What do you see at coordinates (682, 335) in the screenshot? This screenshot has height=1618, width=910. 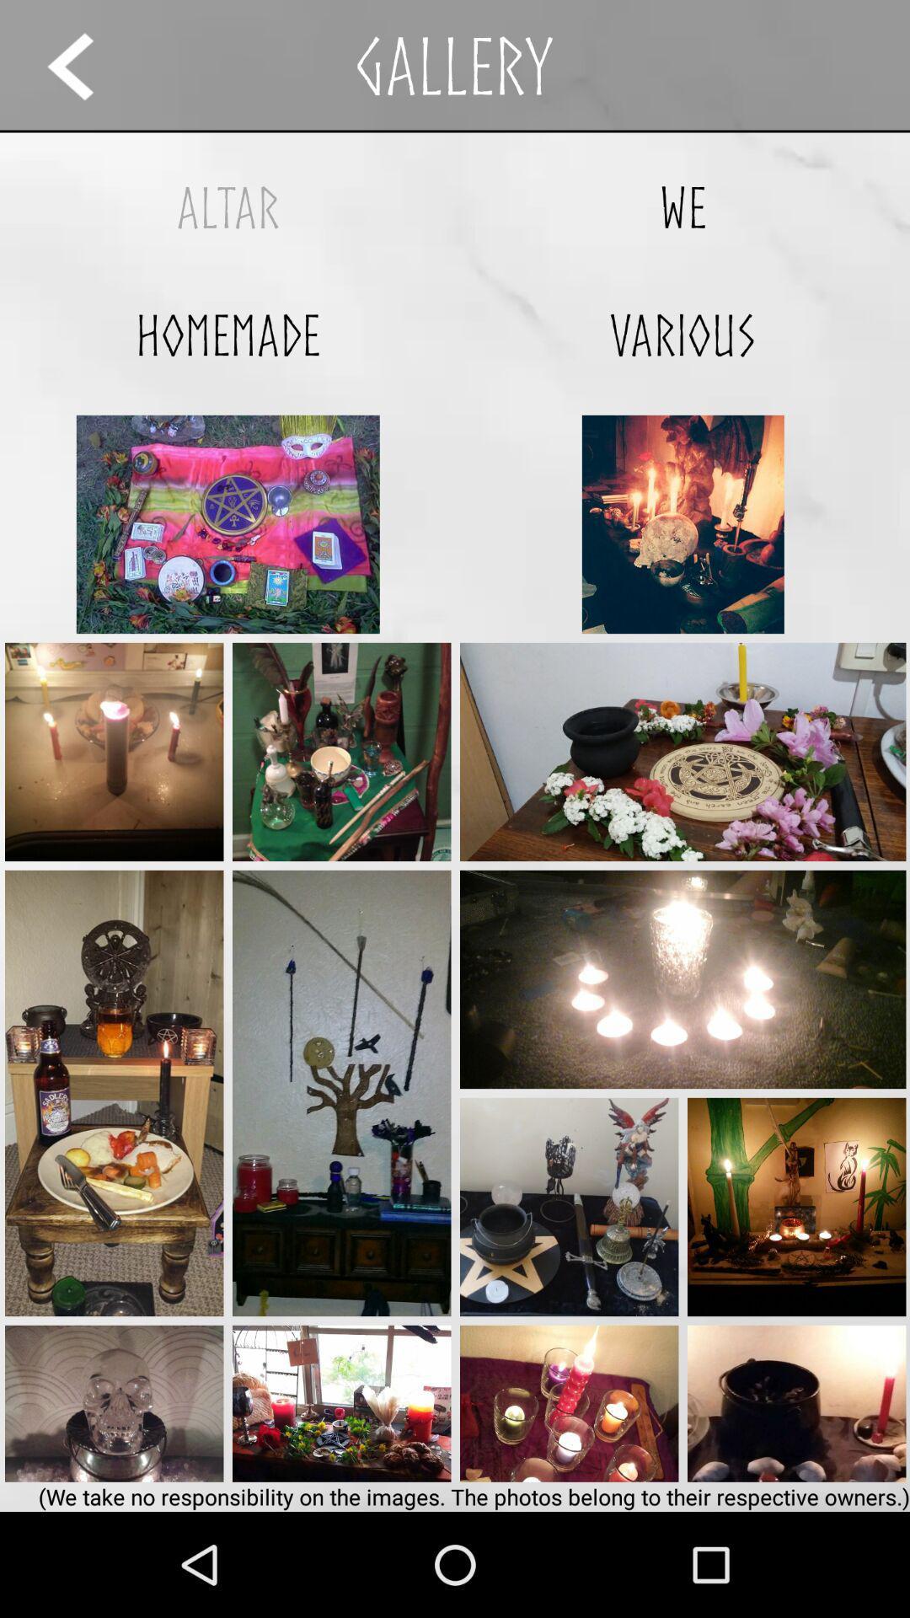 I see `the icon to the right of the homemade icon` at bounding box center [682, 335].